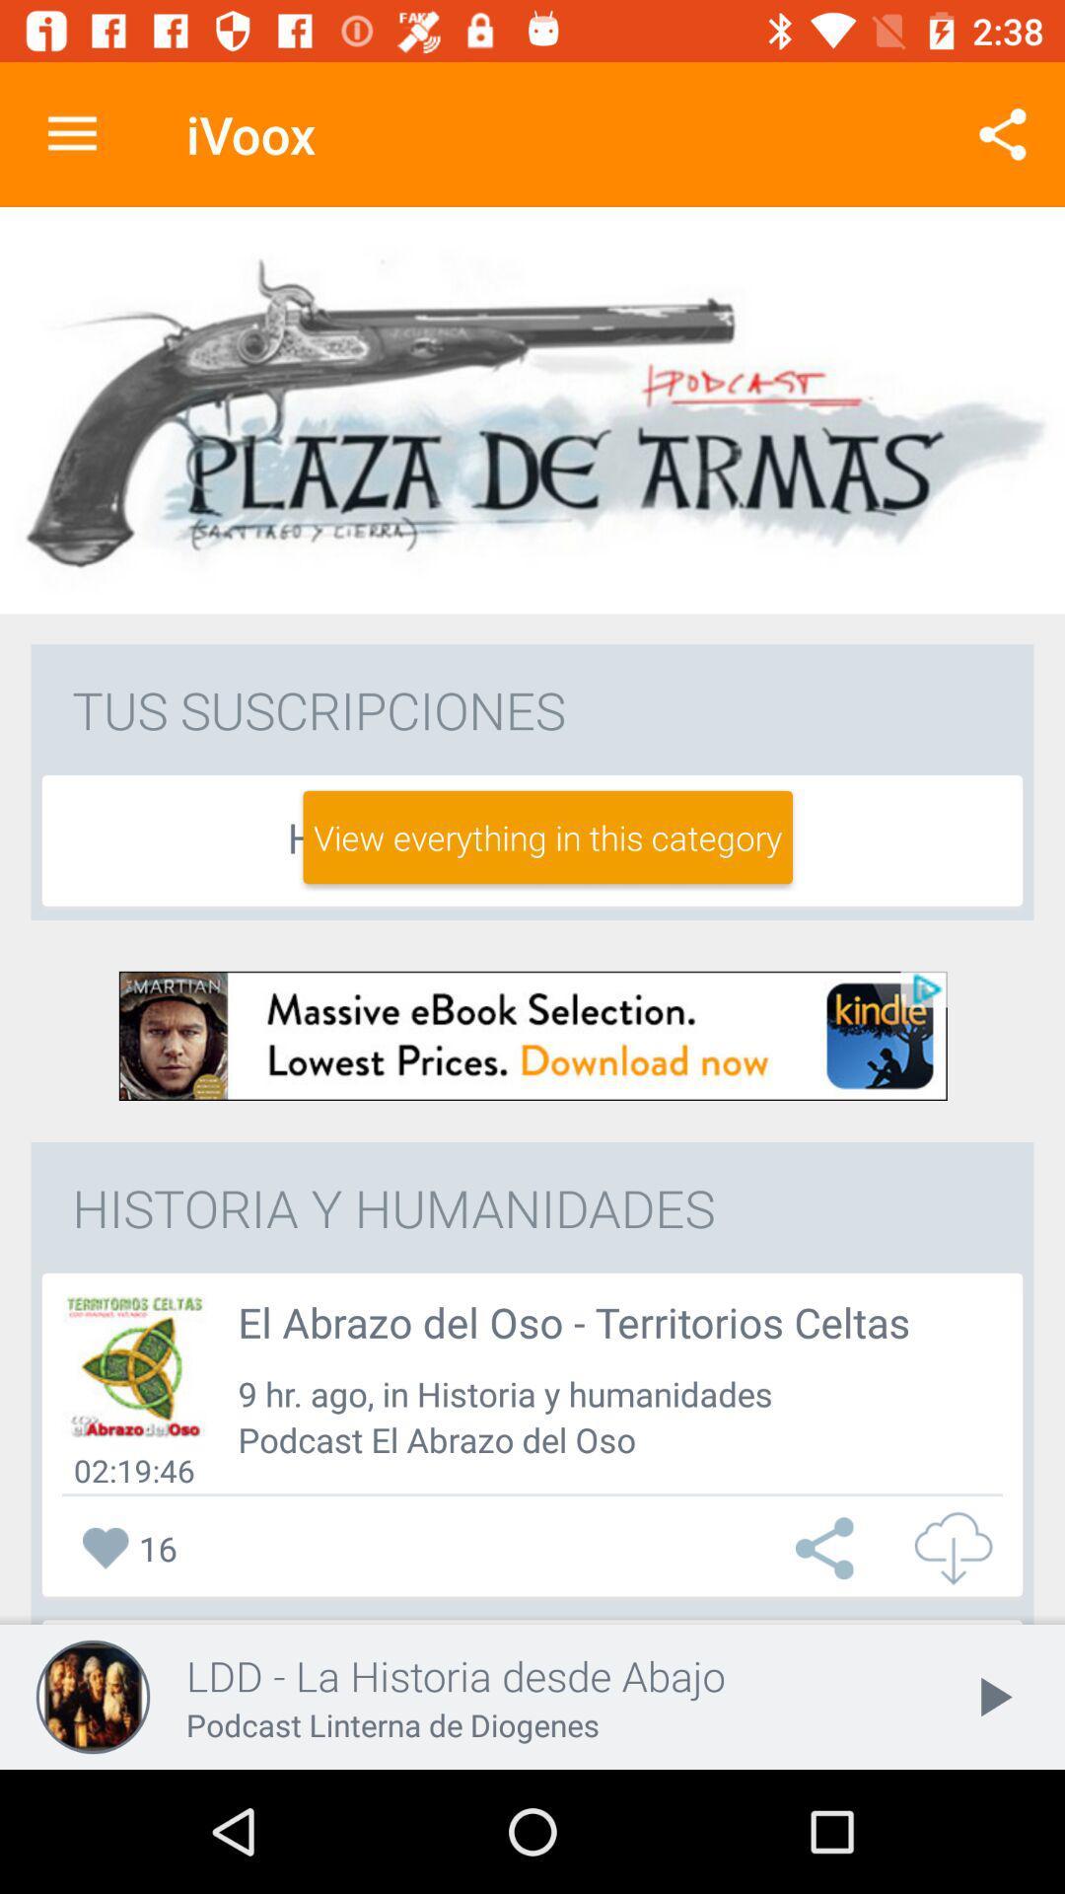  I want to click on choose this, so click(829, 1547).